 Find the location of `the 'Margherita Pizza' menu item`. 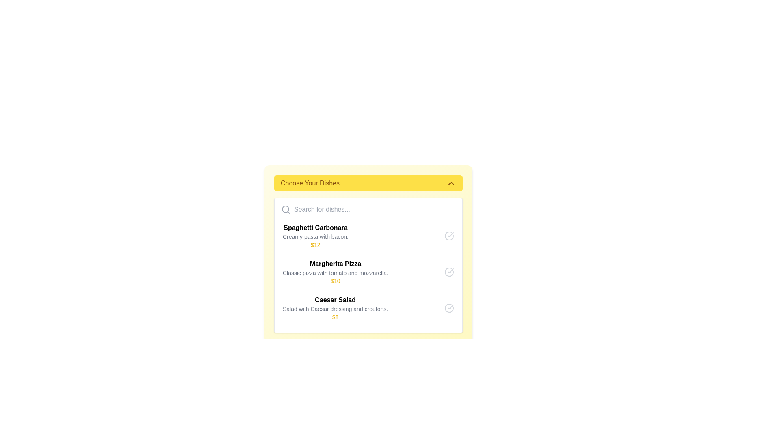

the 'Margherita Pizza' menu item is located at coordinates (368, 272).